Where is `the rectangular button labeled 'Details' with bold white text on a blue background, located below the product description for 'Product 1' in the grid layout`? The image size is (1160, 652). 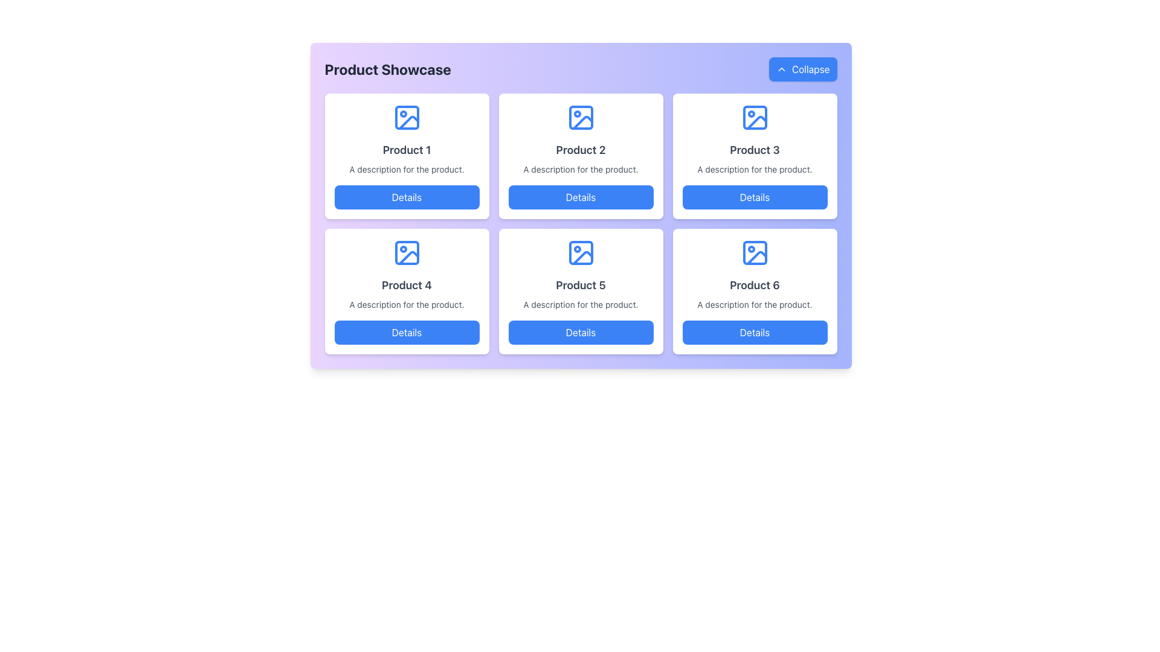 the rectangular button labeled 'Details' with bold white text on a blue background, located below the product description for 'Product 1' in the grid layout is located at coordinates (407, 197).